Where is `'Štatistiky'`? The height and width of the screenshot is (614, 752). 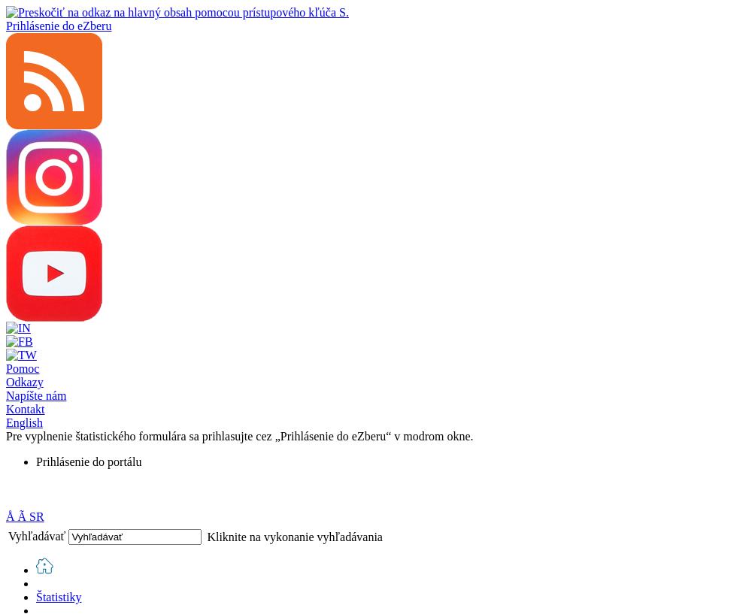
'Štatistiky' is located at coordinates (58, 597).